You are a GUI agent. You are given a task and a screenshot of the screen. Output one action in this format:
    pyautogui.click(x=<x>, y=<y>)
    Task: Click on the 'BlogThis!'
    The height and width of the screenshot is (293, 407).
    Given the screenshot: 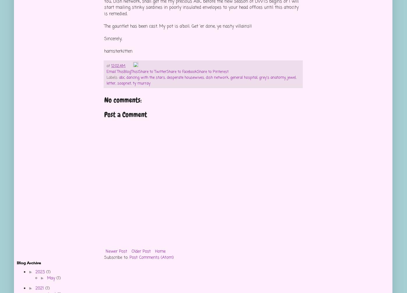 What is the action you would take?
    pyautogui.click(x=131, y=71)
    